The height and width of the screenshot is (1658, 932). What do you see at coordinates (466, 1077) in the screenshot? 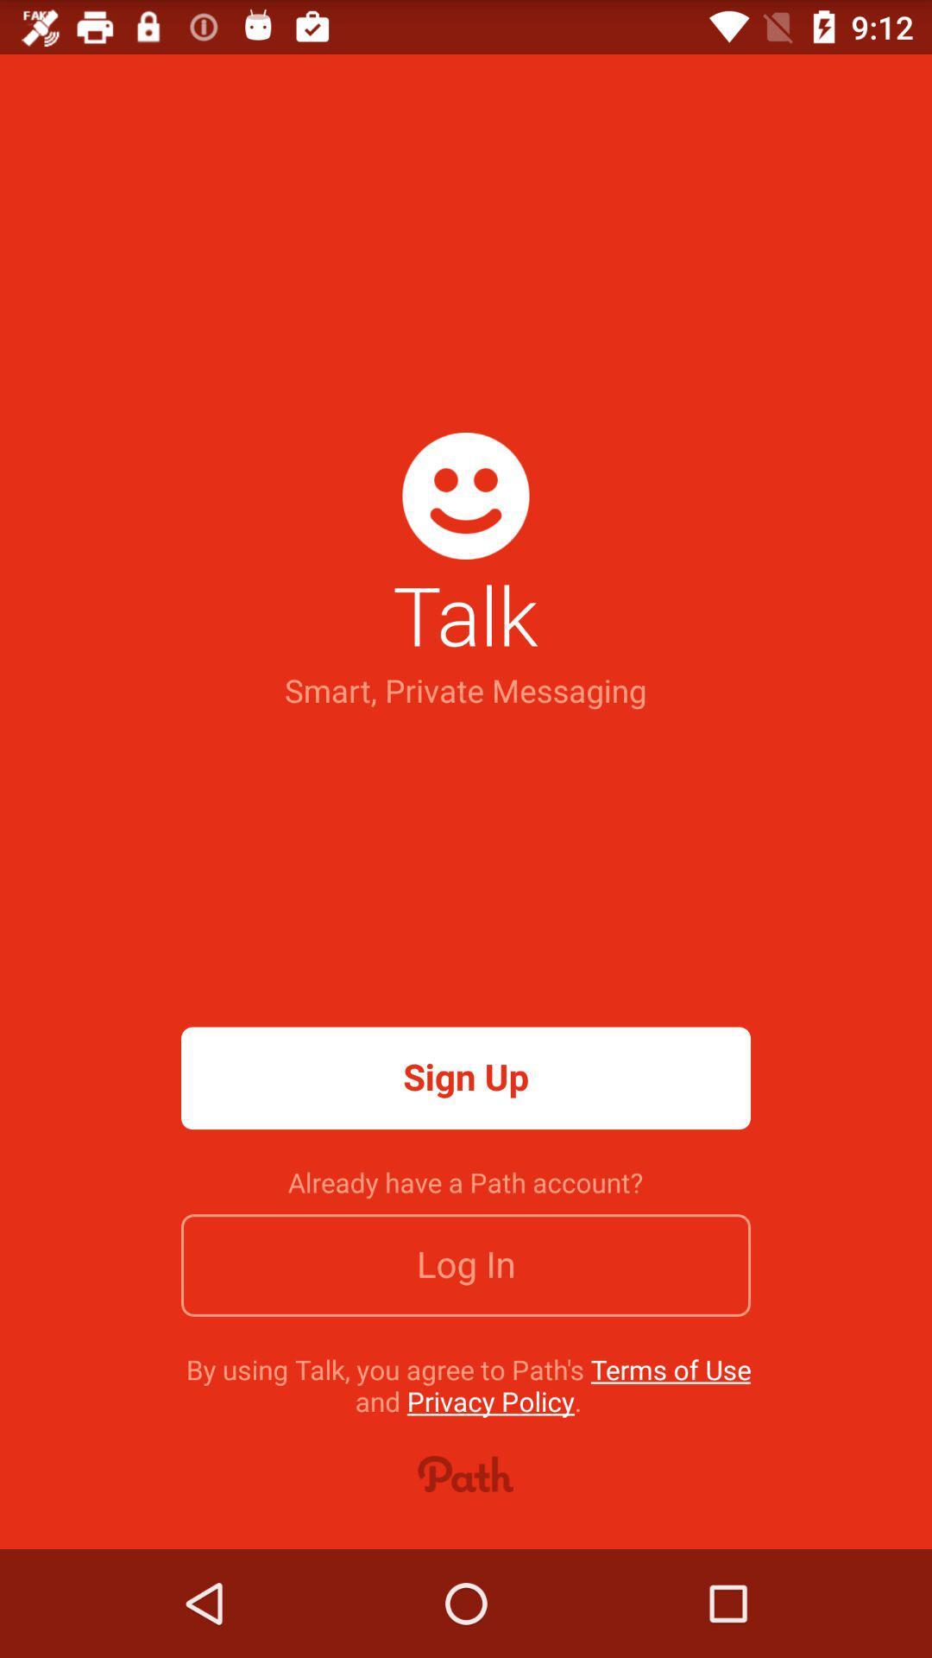
I see `the sign up item` at bounding box center [466, 1077].